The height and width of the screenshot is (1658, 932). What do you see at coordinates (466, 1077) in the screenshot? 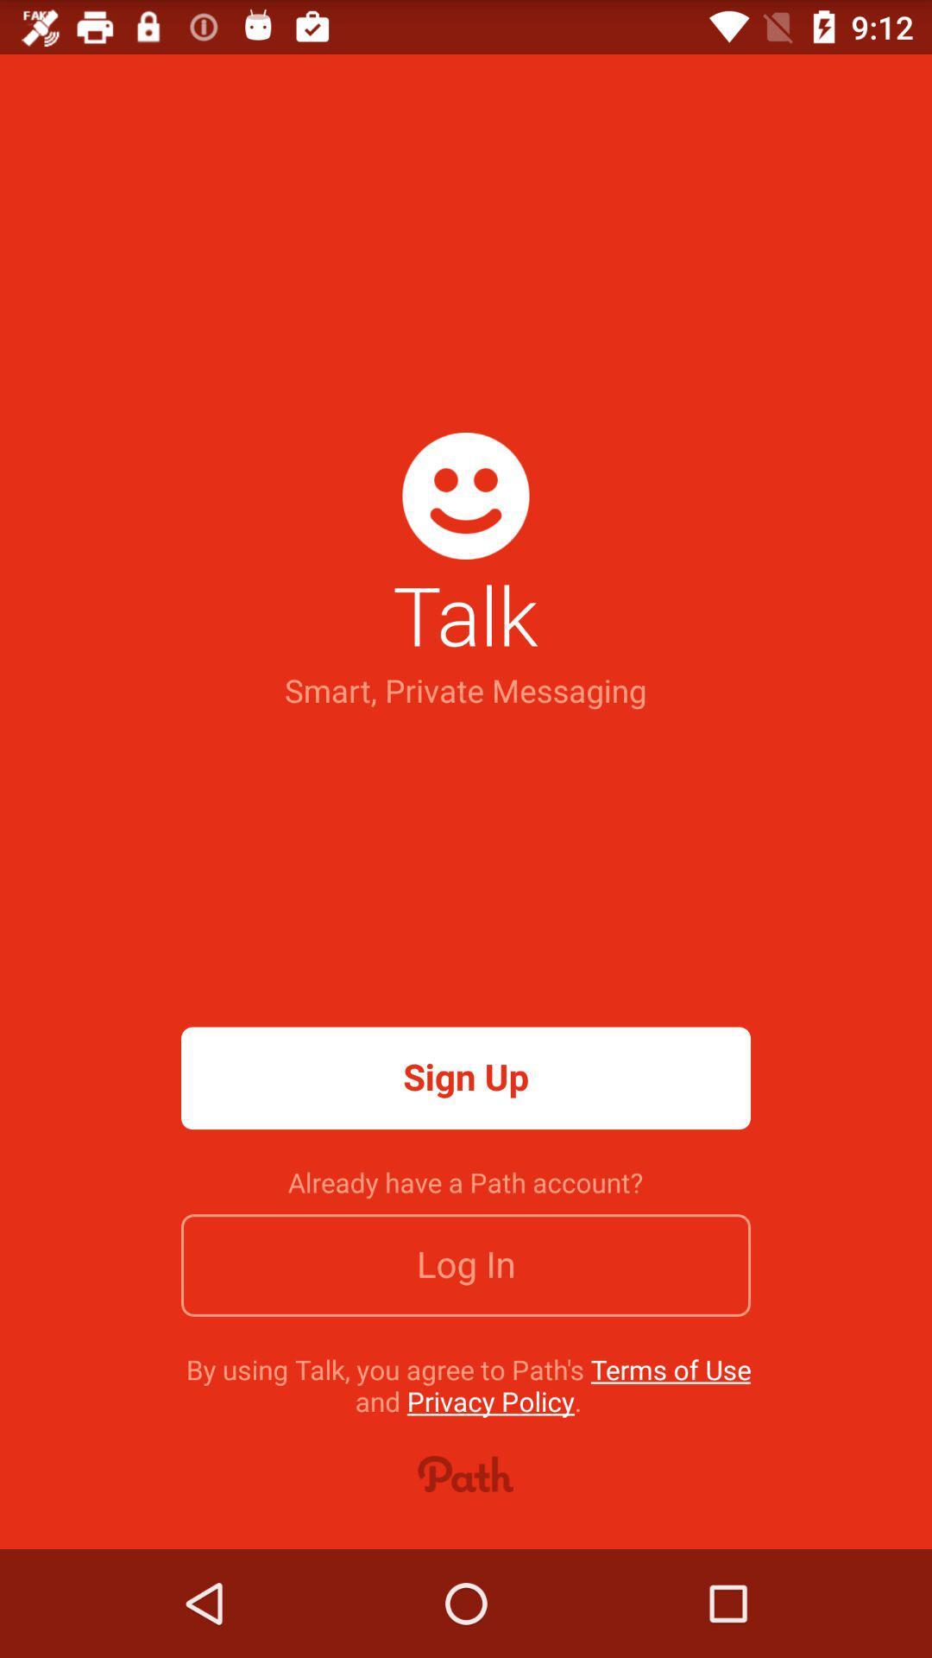
I see `the sign up item` at bounding box center [466, 1077].